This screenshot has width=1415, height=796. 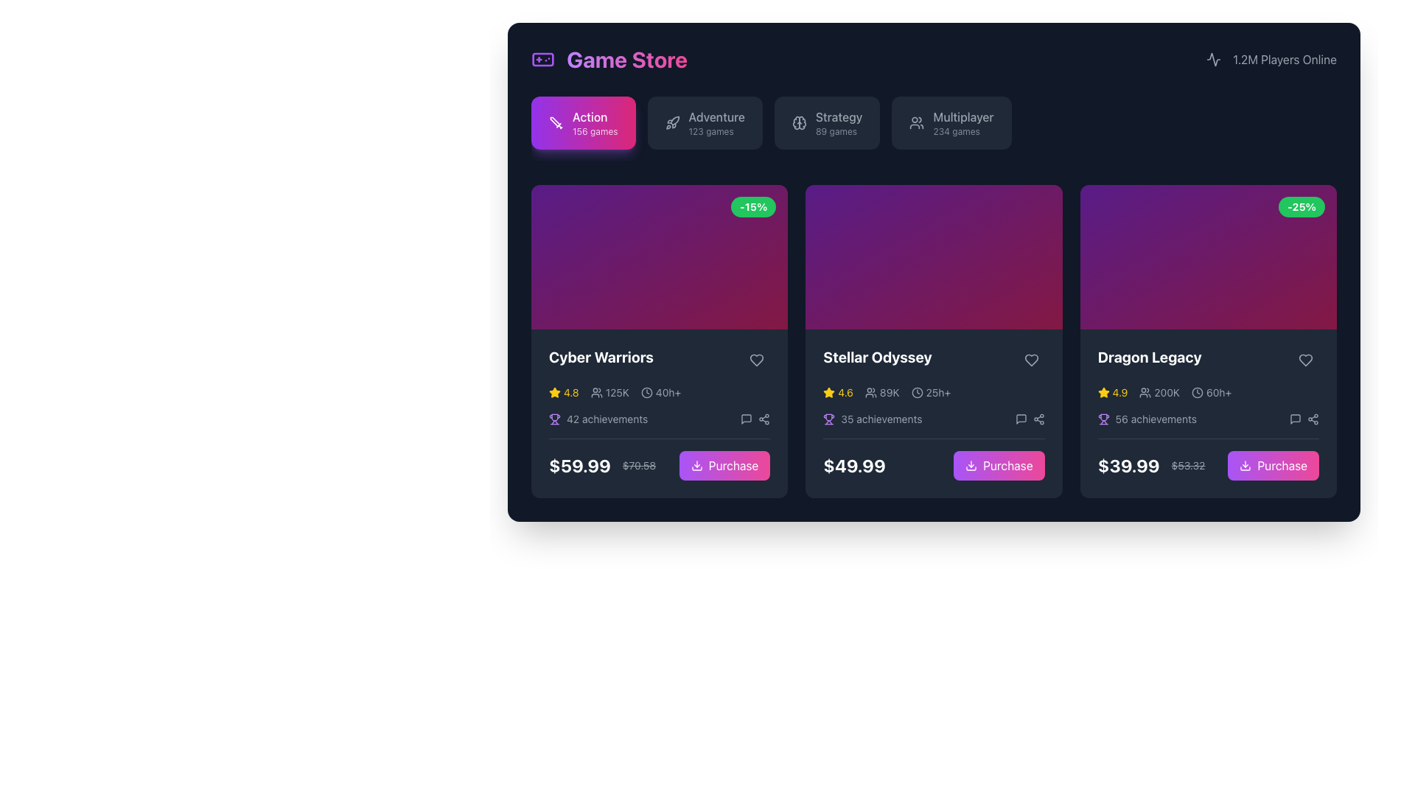 What do you see at coordinates (764, 418) in the screenshot?
I see `the share icon, which is a small gray icon resembling a share symbol with three interconnected circles, located in the bottom-right section of the first game card` at bounding box center [764, 418].